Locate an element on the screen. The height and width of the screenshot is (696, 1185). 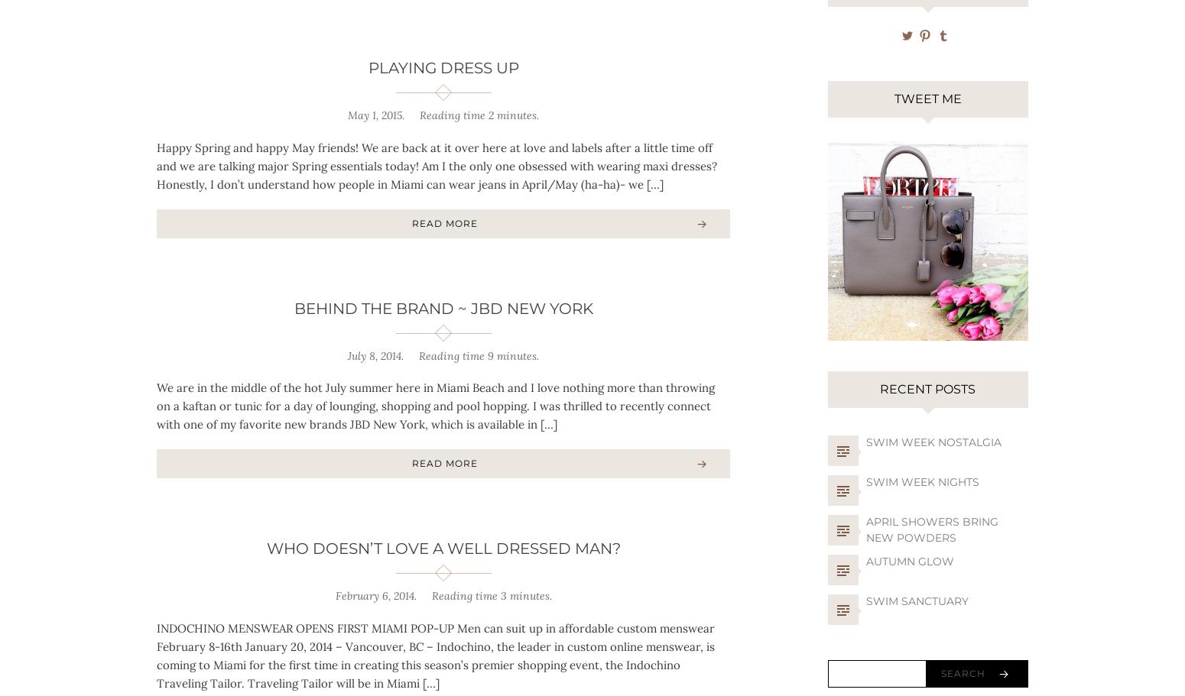
'We are in the middle of the hot July summer here in Miami Beach and I love nothing more than throwing on a kaftan or tunic for a day of lounging, shopping and pool hopping. I was thrilled to recently connect with one of my favorite new brands JBD New York, which is available in […]' is located at coordinates (156, 405).